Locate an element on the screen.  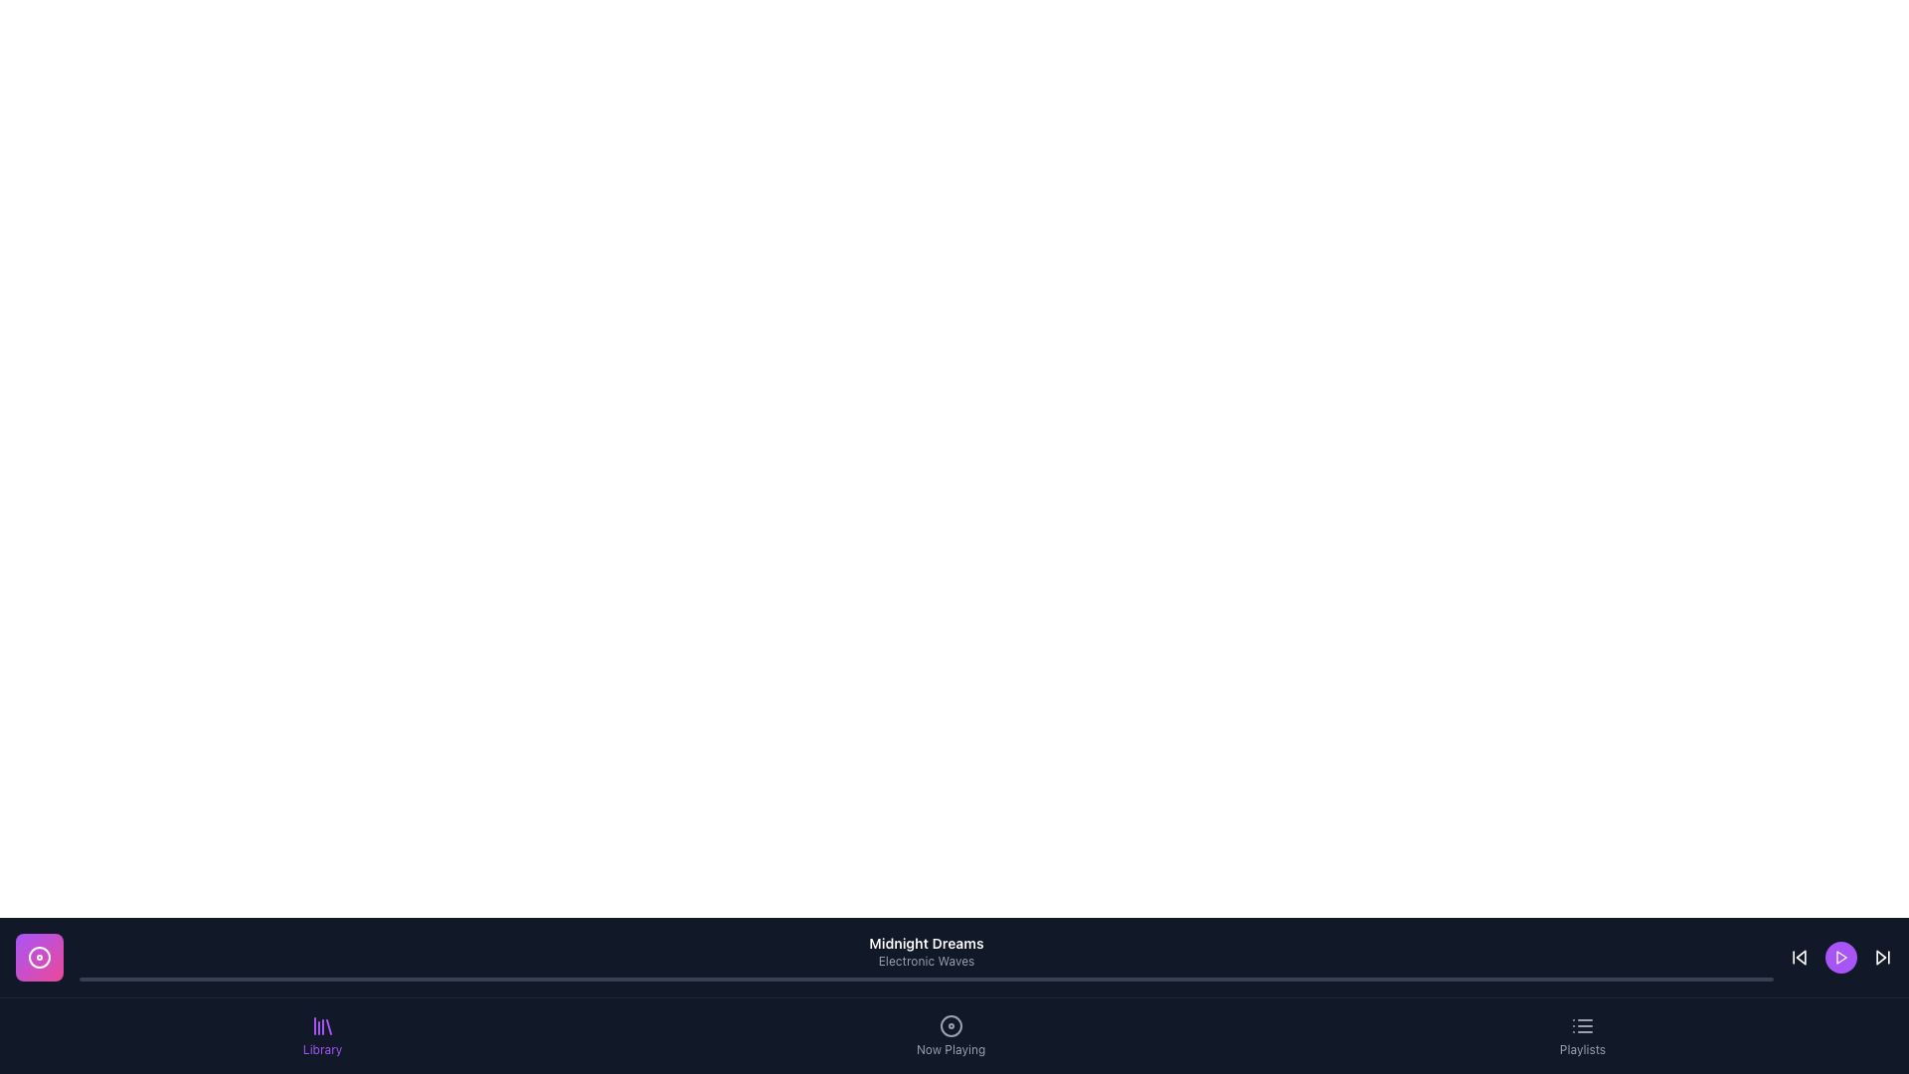
text content of the small text label that displays 'Electronic Waves', which is styled in light gray and is located directly beneath 'Midnight Dreams' is located at coordinates (925, 961).